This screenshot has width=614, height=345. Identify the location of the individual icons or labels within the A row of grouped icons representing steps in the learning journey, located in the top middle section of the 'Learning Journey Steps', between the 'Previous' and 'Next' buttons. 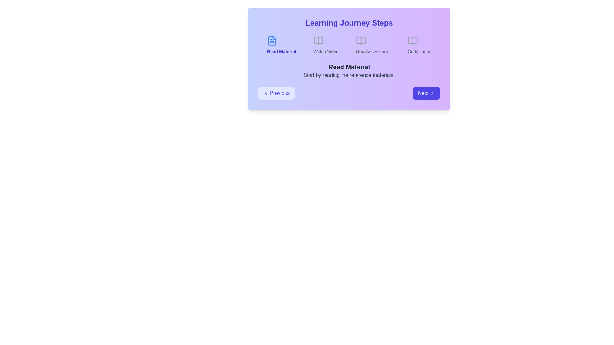
(349, 45).